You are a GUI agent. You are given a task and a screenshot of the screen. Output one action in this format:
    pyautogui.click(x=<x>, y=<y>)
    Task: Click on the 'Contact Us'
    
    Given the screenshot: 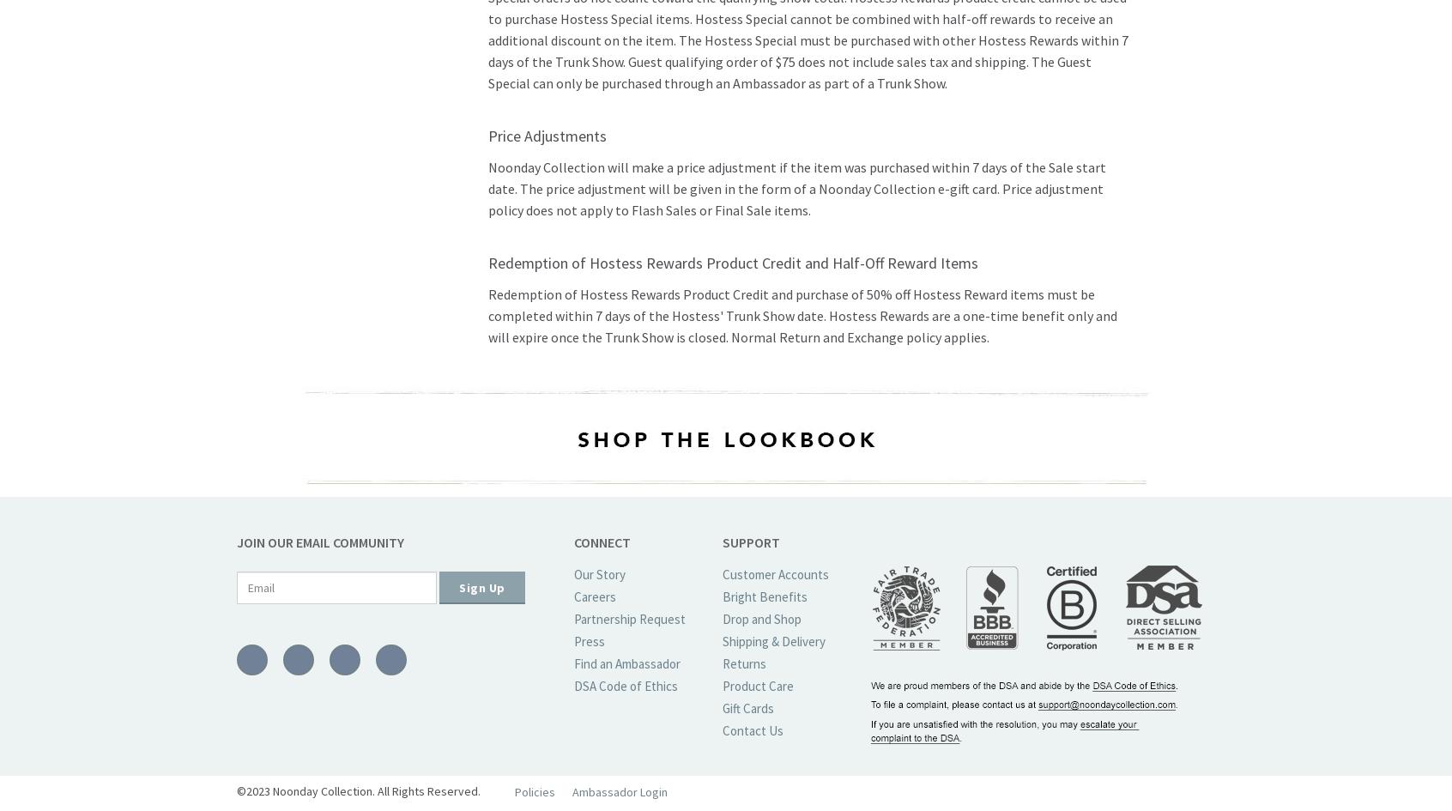 What is the action you would take?
    pyautogui.click(x=751, y=730)
    